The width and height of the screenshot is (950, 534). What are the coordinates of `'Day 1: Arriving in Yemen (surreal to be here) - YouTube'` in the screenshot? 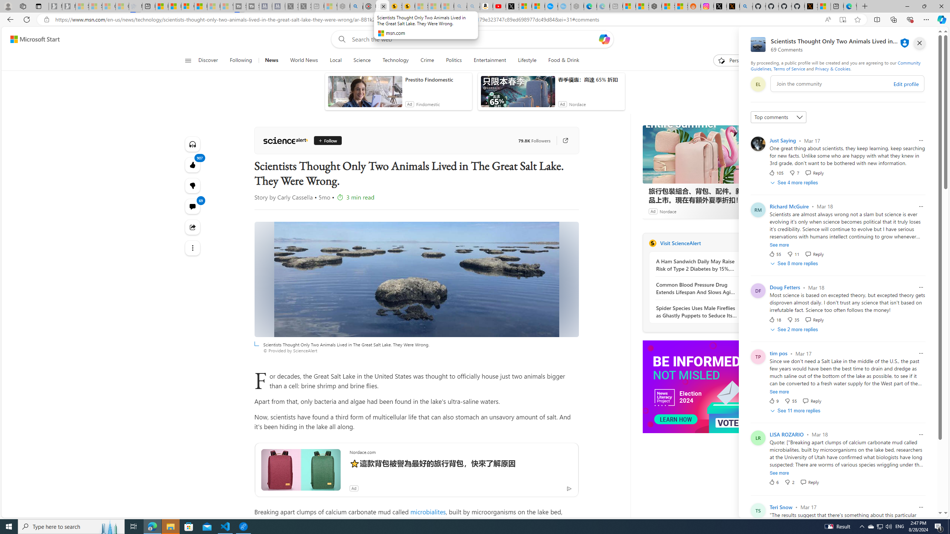 It's located at (499, 6).